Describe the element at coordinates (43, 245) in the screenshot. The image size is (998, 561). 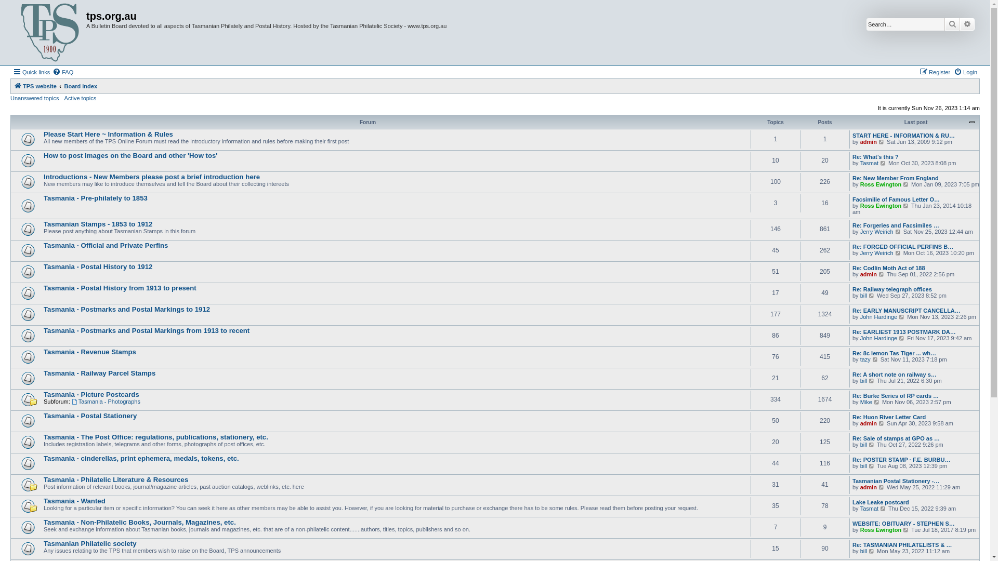
I see `'Tasmania - Official and Private Perfins'` at that location.